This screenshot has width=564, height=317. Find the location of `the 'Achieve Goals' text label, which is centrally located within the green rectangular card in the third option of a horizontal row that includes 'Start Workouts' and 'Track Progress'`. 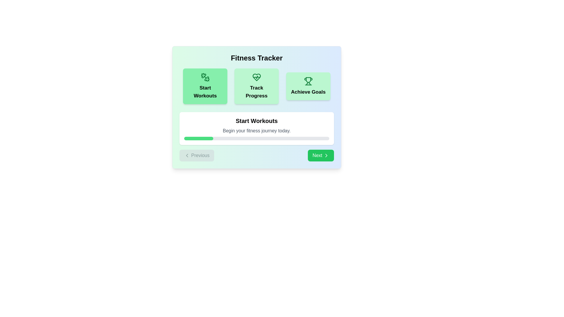

the 'Achieve Goals' text label, which is centrally located within the green rectangular card in the third option of a horizontal row that includes 'Start Workouts' and 'Track Progress' is located at coordinates (308, 92).